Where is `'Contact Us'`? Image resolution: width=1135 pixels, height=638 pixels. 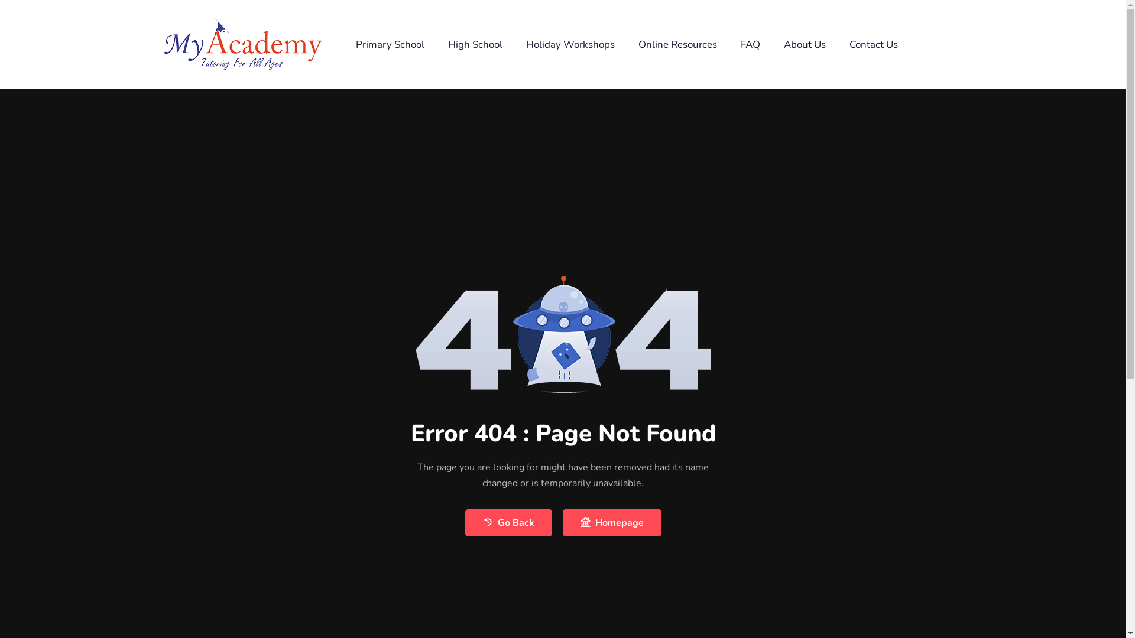 'Contact Us' is located at coordinates (836, 43).